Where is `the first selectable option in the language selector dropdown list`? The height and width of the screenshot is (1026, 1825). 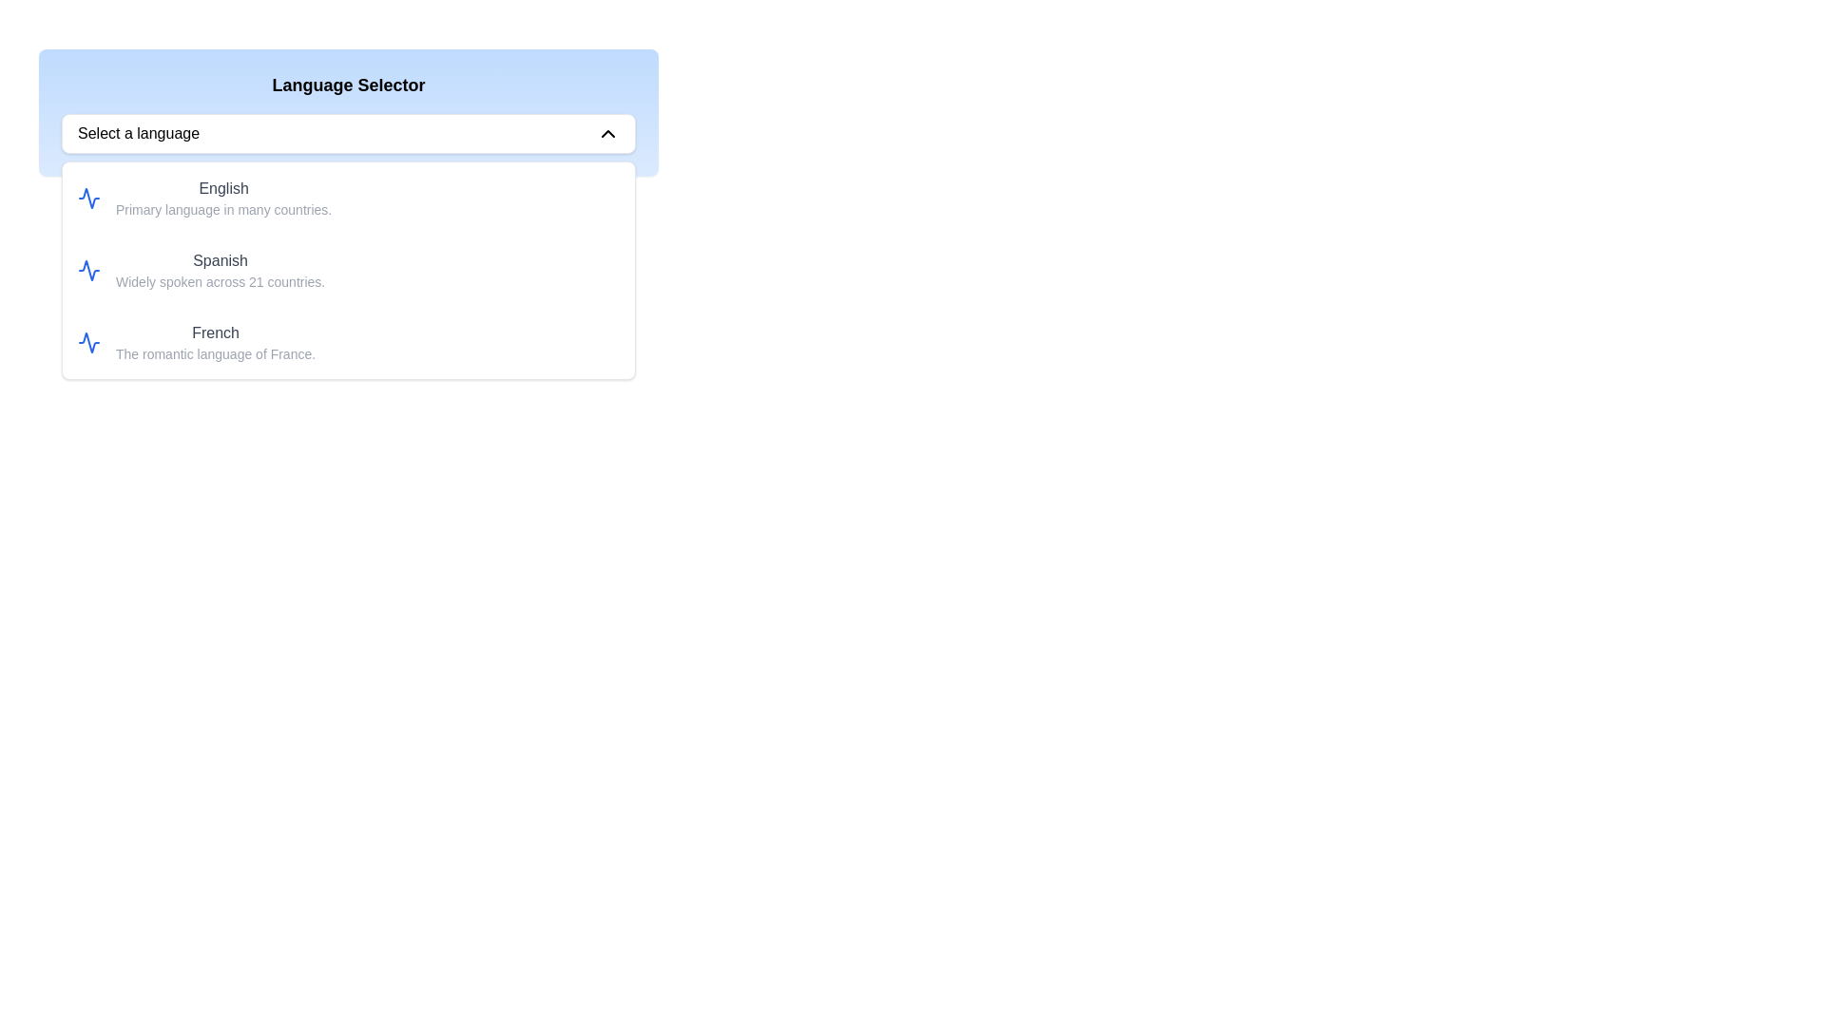
the first selectable option in the language selector dropdown list is located at coordinates (348, 198).